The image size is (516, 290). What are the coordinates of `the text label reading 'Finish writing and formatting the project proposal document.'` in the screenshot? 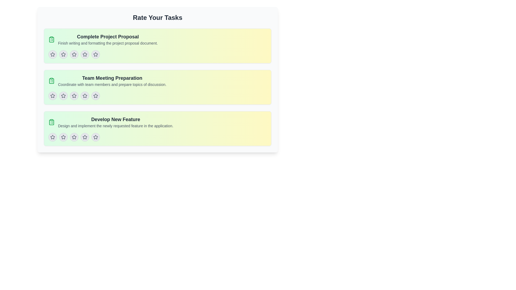 It's located at (107, 43).